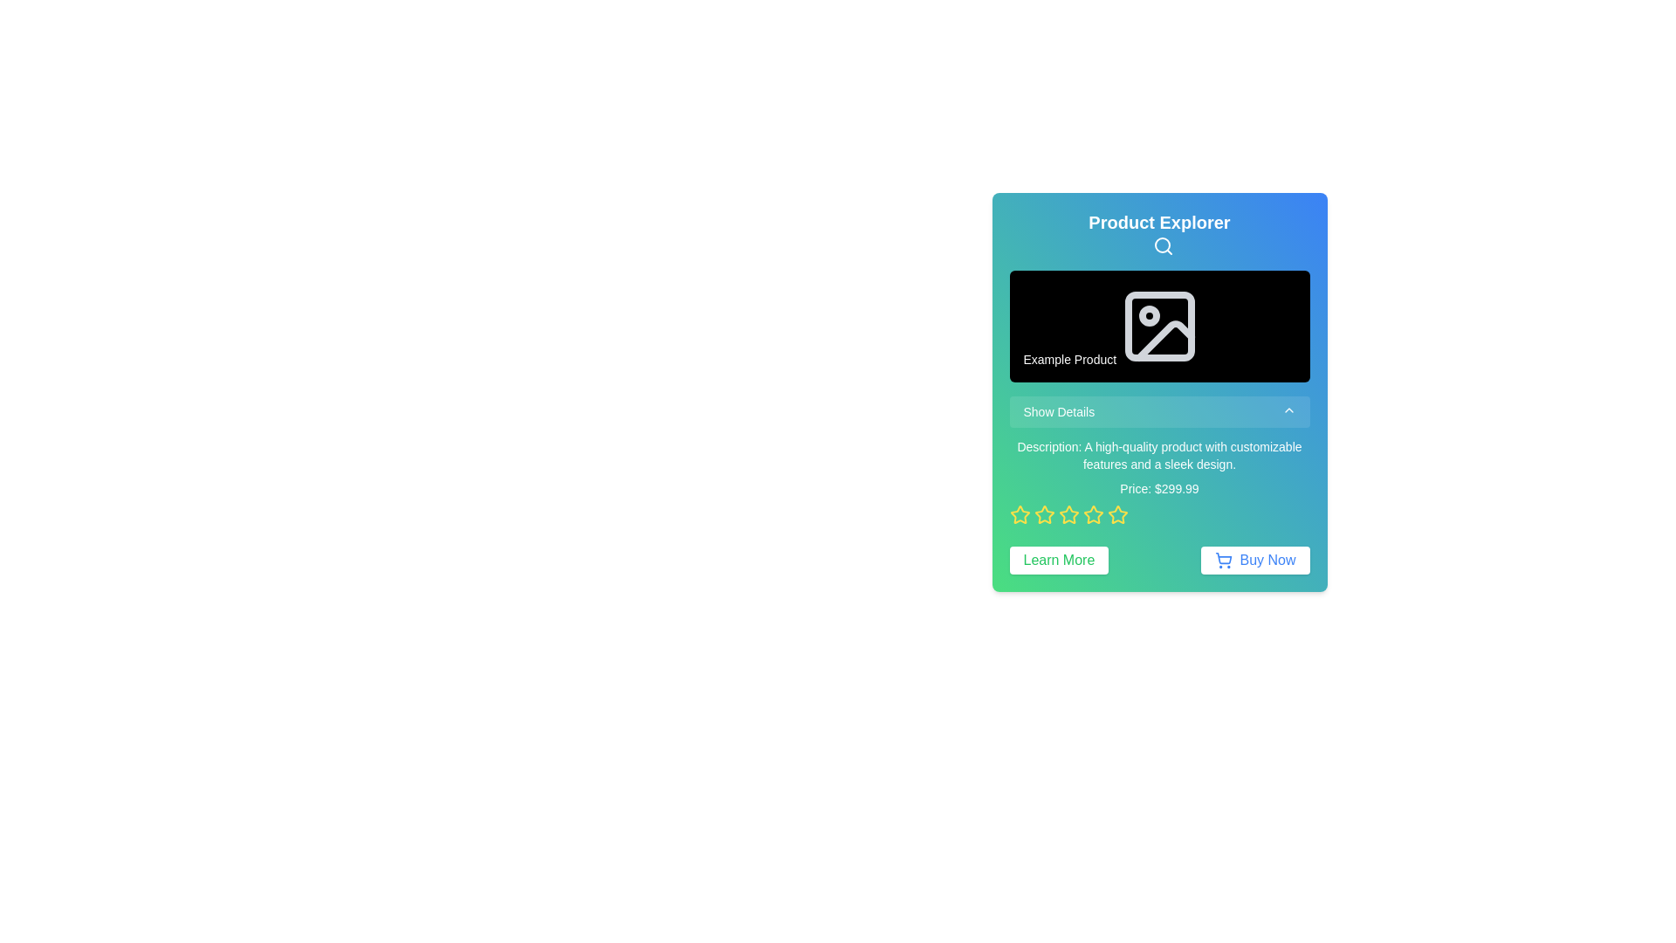  Describe the element at coordinates (1044, 513) in the screenshot. I see `the second star icon from the left in the horizontal row of five stars located below the product description to provide feedback or rate the displayed product` at that location.